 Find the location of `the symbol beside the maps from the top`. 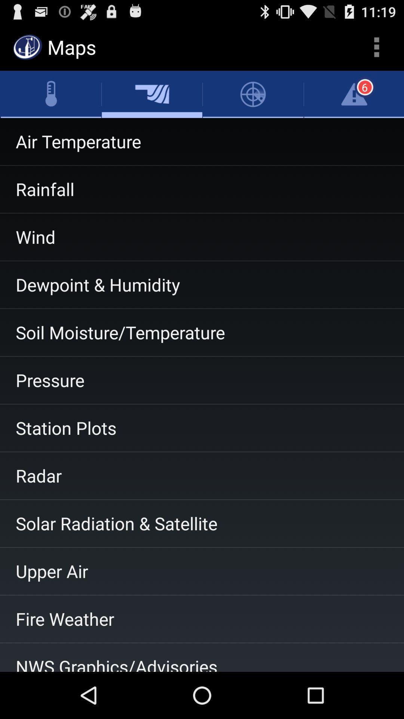

the symbol beside the maps from the top is located at coordinates (27, 46).